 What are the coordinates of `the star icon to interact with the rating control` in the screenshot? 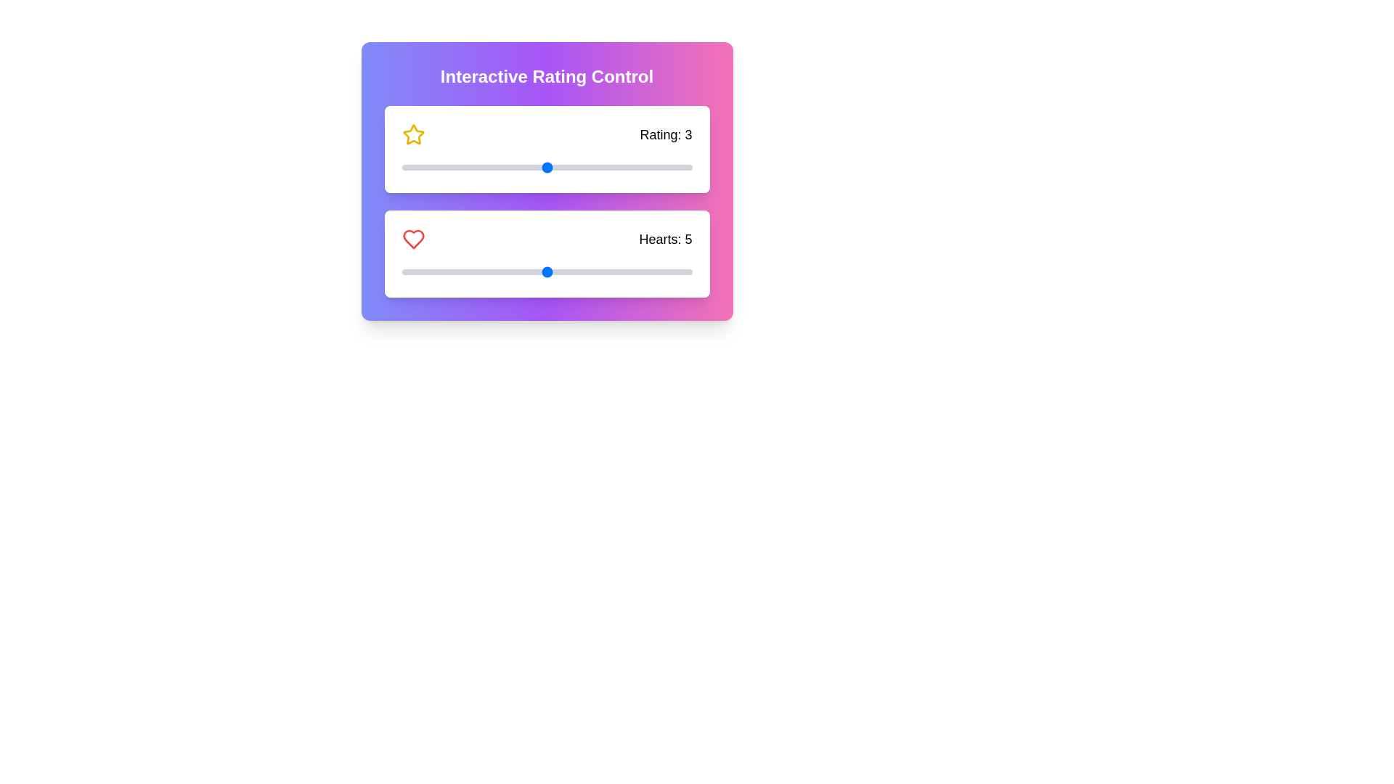 It's located at (412, 134).